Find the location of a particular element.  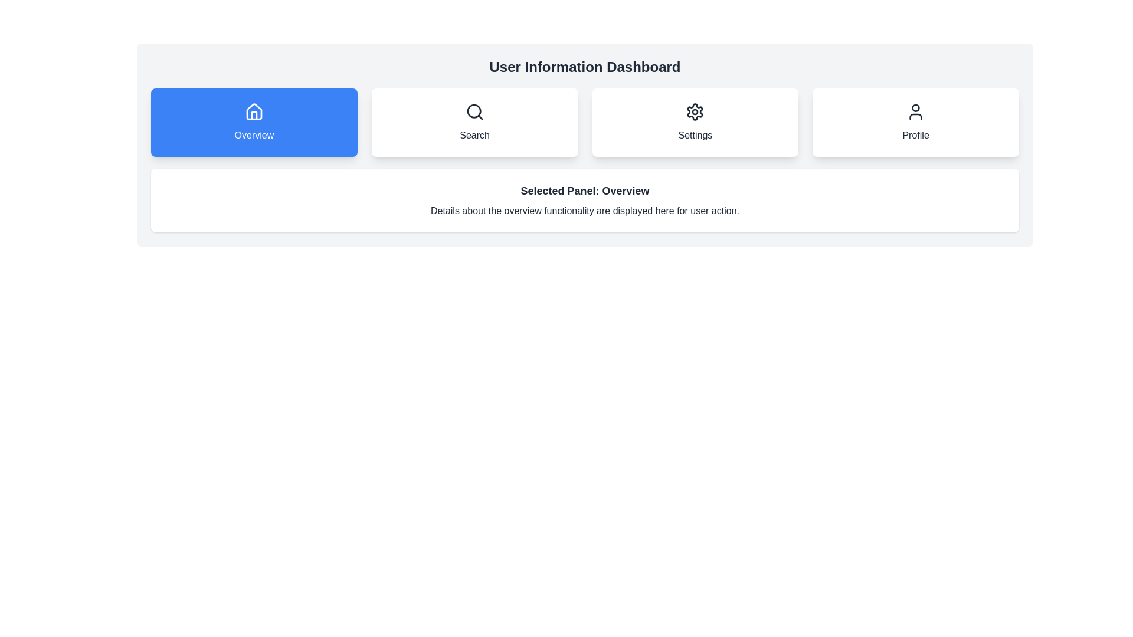

the Profile button which contains the SVG graphic representing the user interaction for navigating to the user profile section is located at coordinates (915, 107).